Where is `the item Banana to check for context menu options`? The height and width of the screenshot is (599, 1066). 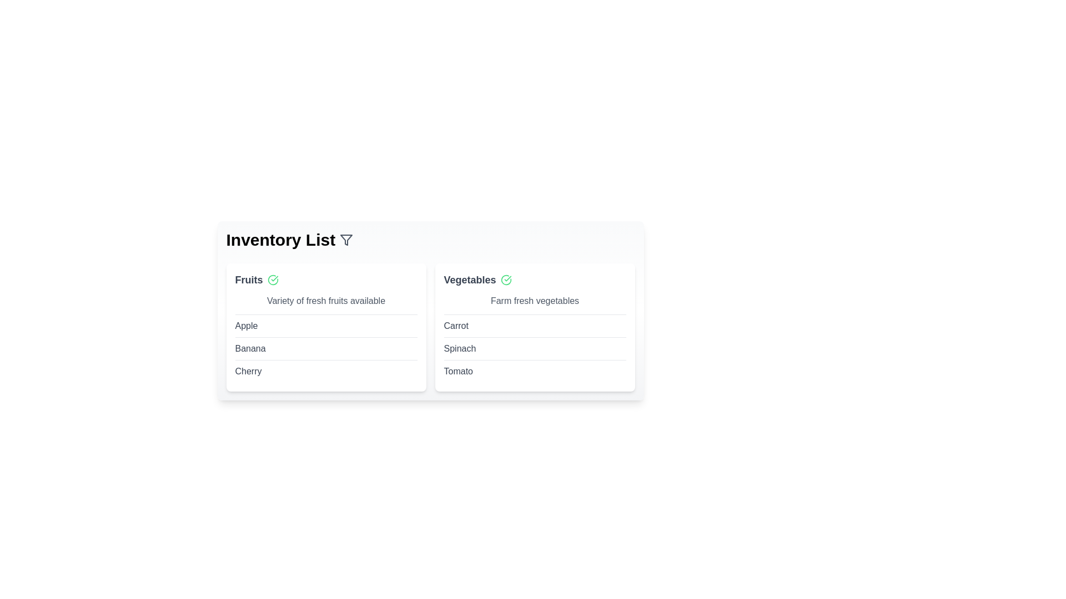 the item Banana to check for context menu options is located at coordinates (250, 348).